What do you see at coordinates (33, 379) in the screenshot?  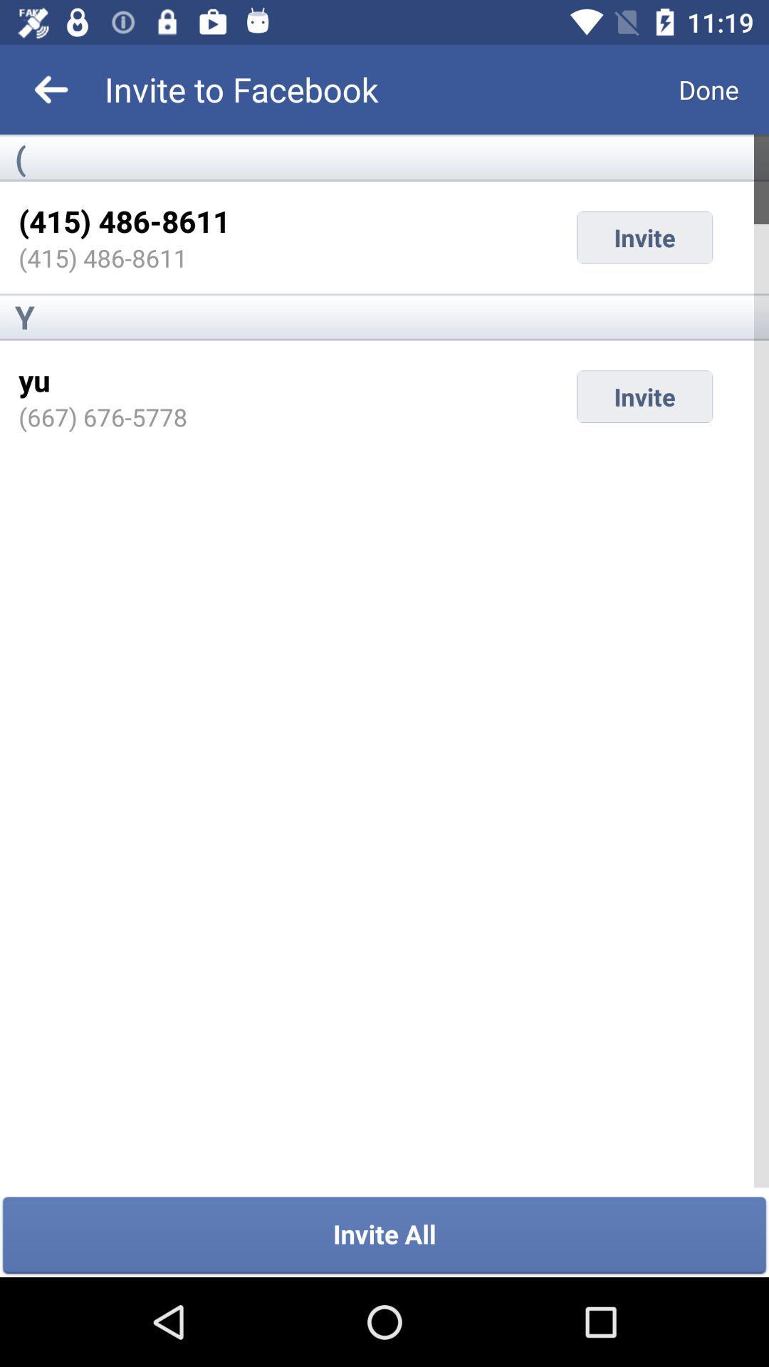 I see `item to the left of invite icon` at bounding box center [33, 379].